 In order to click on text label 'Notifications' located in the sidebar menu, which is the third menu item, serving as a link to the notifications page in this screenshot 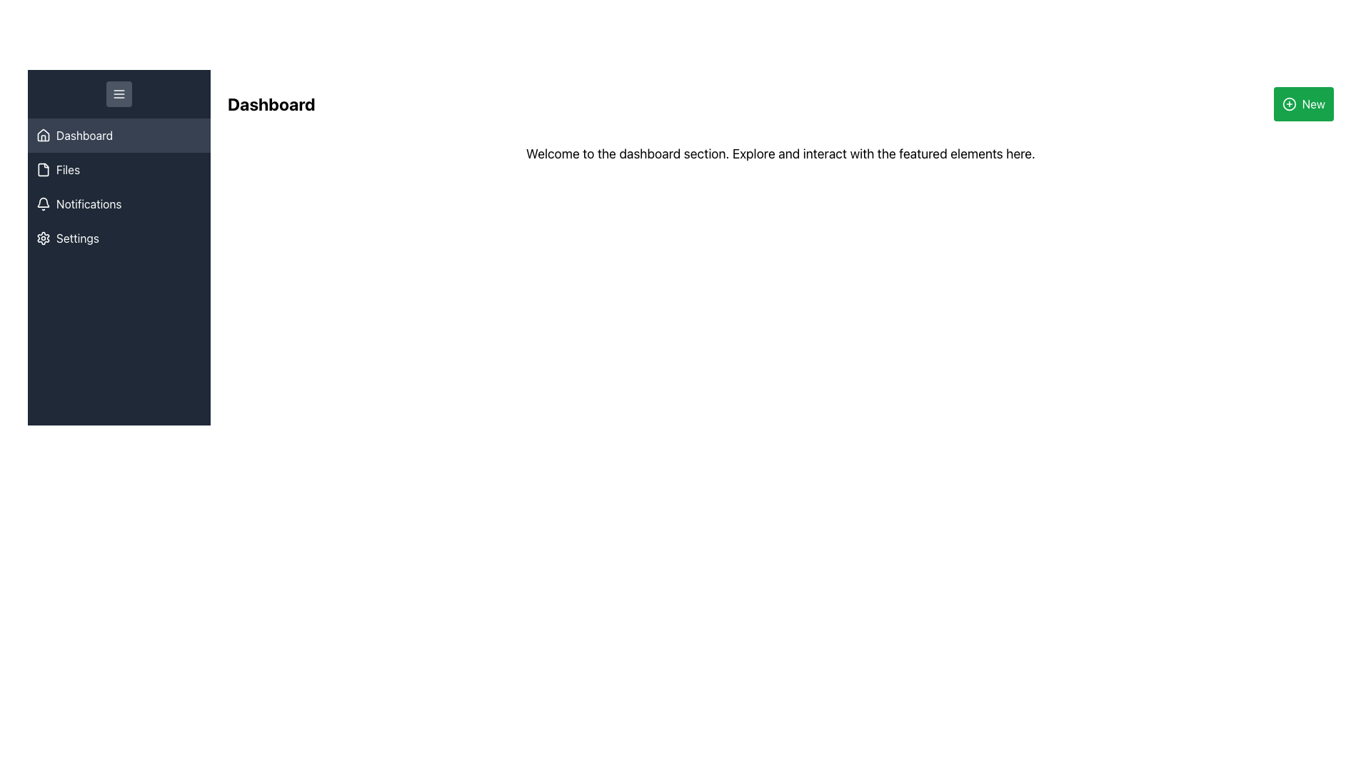, I will do `click(88, 203)`.